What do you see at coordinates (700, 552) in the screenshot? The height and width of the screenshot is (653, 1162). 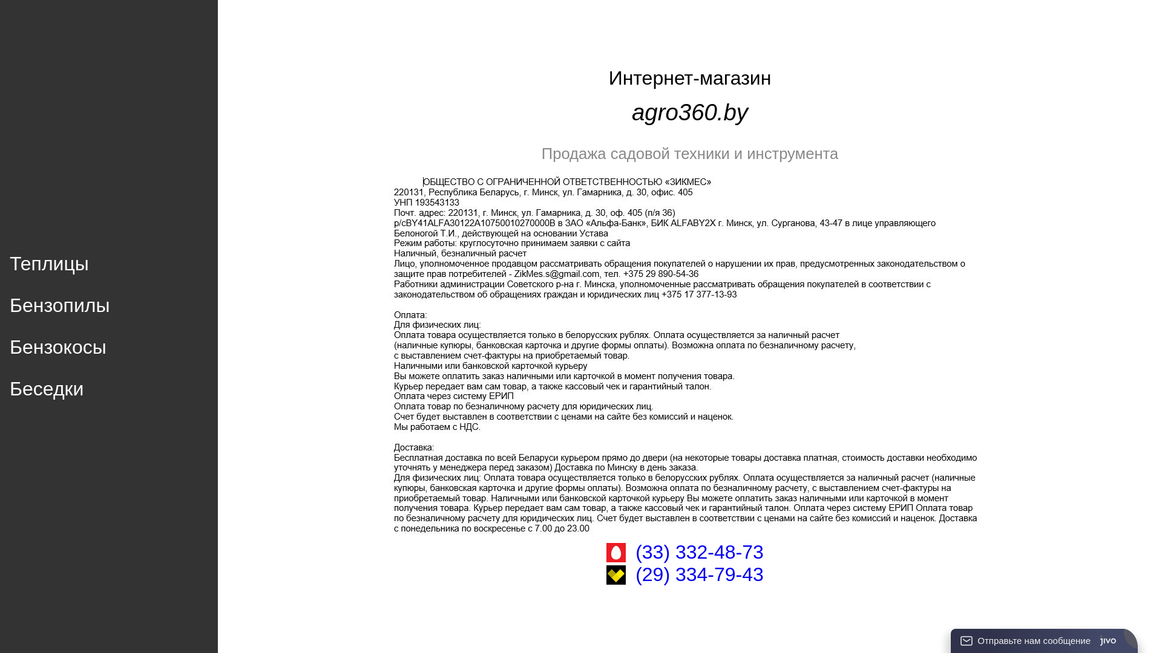 I see `'(33) 332-48-73'` at bounding box center [700, 552].